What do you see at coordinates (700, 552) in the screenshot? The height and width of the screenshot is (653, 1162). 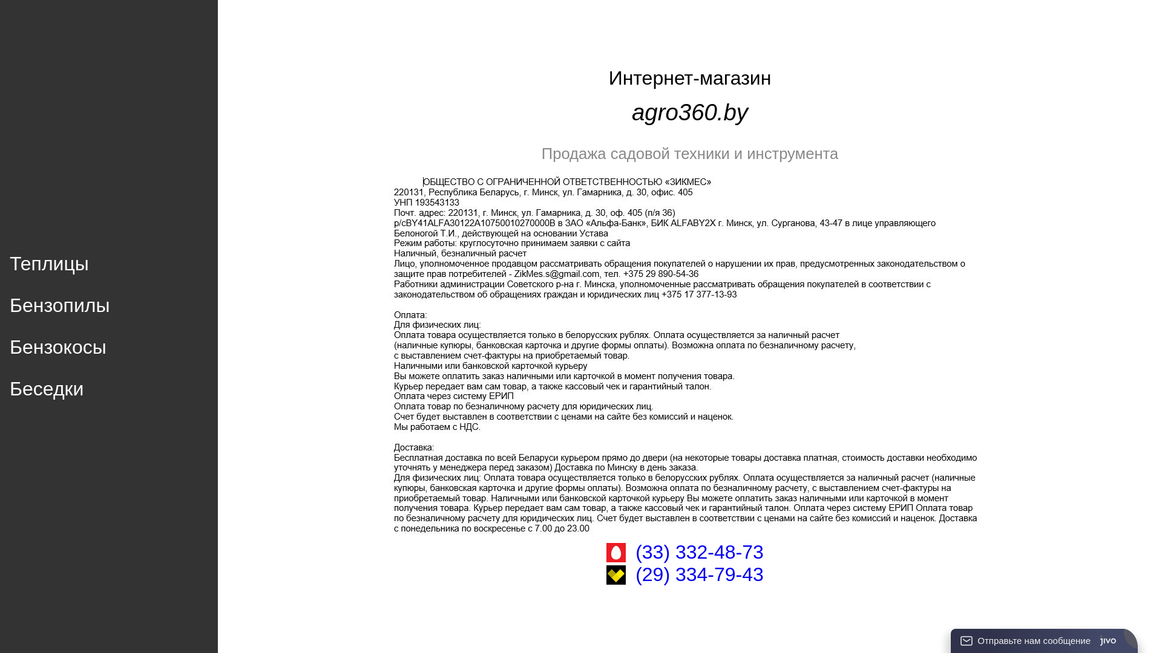 I see `'(33) 332-48-73'` at bounding box center [700, 552].